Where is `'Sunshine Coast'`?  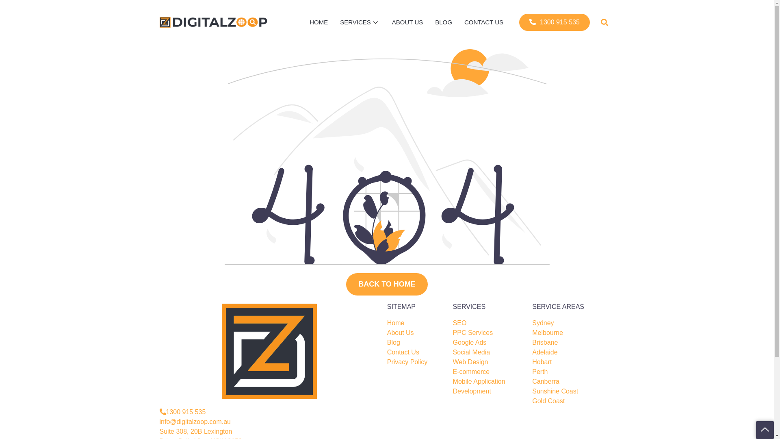 'Sunshine Coast' is located at coordinates (555, 391).